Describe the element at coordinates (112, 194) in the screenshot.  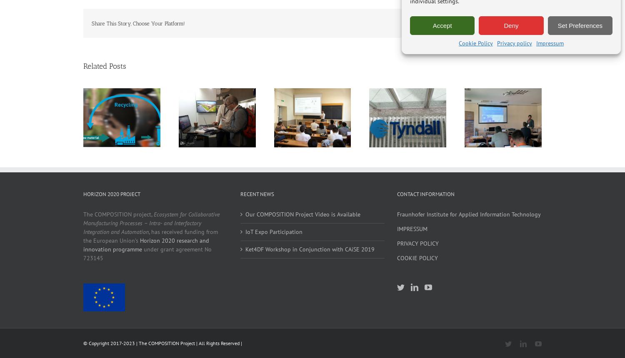
I see `'Horizon 2020 Project'` at that location.